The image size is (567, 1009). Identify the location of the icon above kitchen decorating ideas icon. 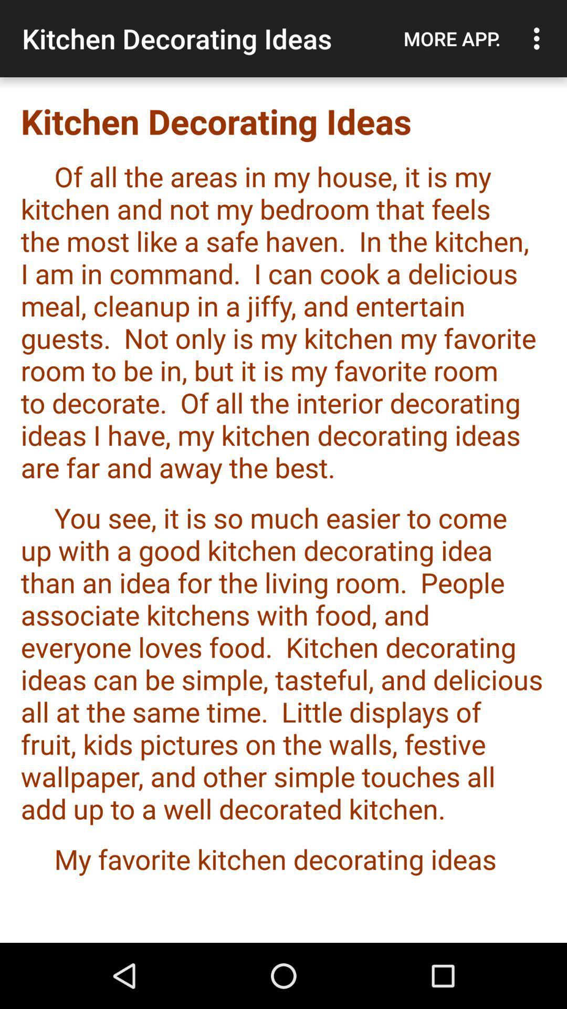
(539, 38).